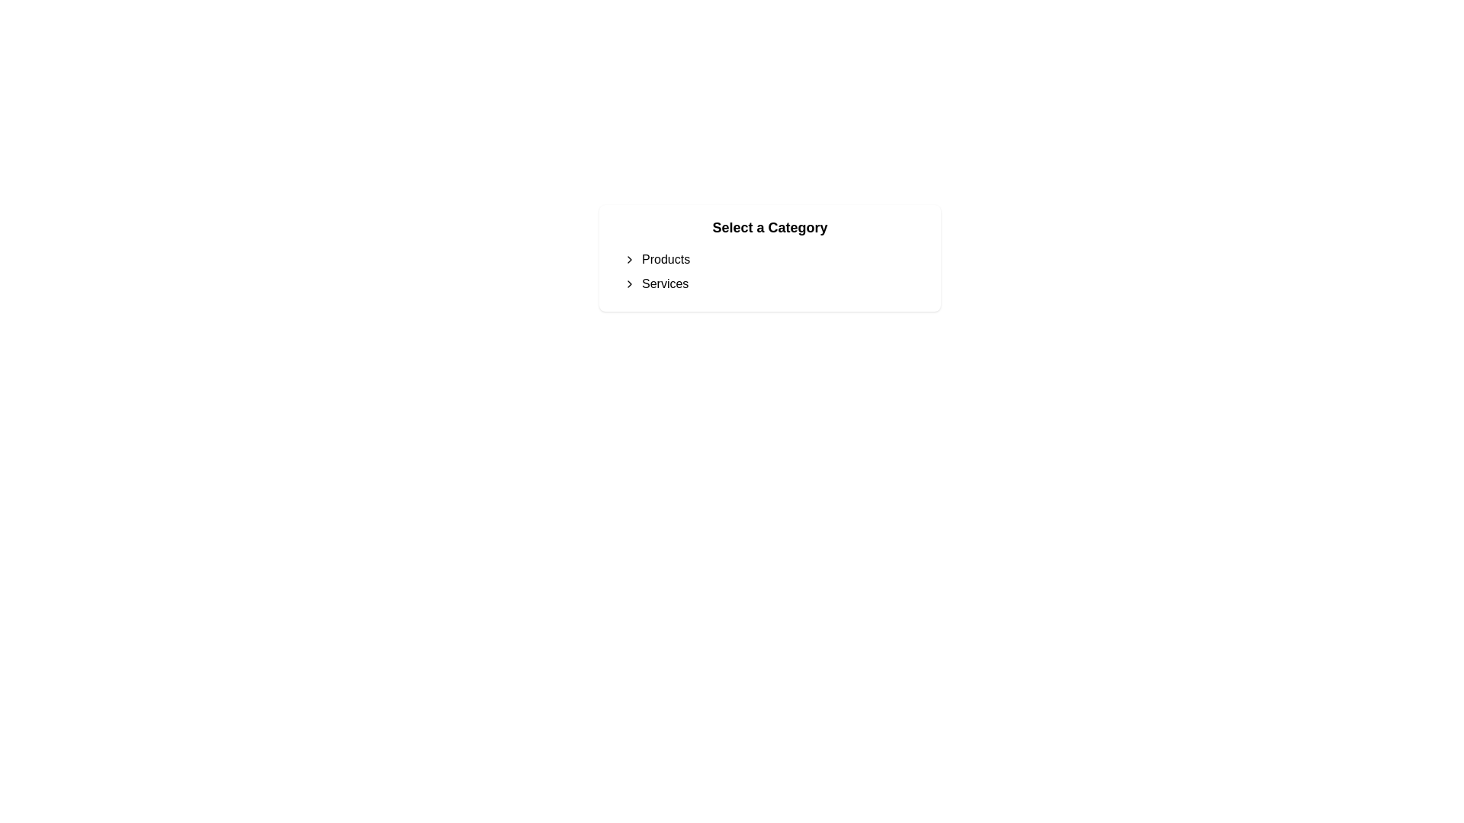 This screenshot has width=1464, height=823. I want to click on the right arrow chevron icon next to the 'Services' option to trigger a tooltip or highlight effect, so click(629, 284).